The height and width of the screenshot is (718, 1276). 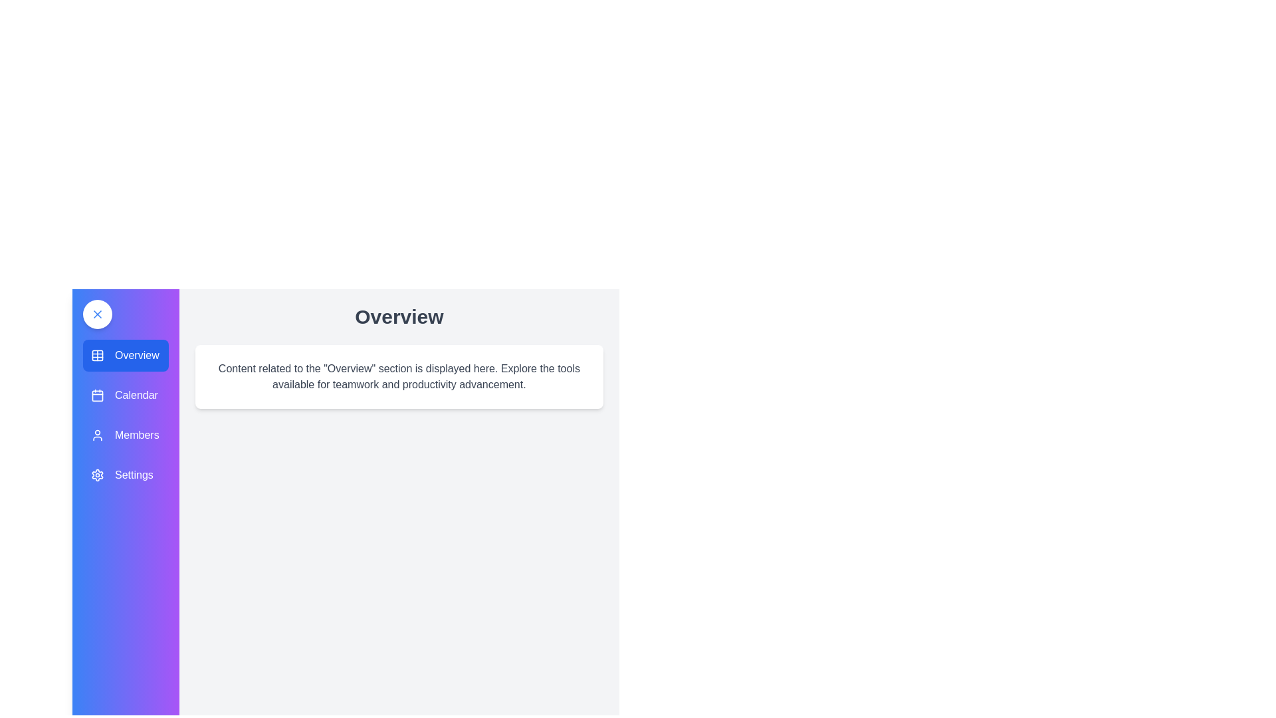 I want to click on the panel header labeled 'Overview' to inspect it, so click(x=398, y=317).